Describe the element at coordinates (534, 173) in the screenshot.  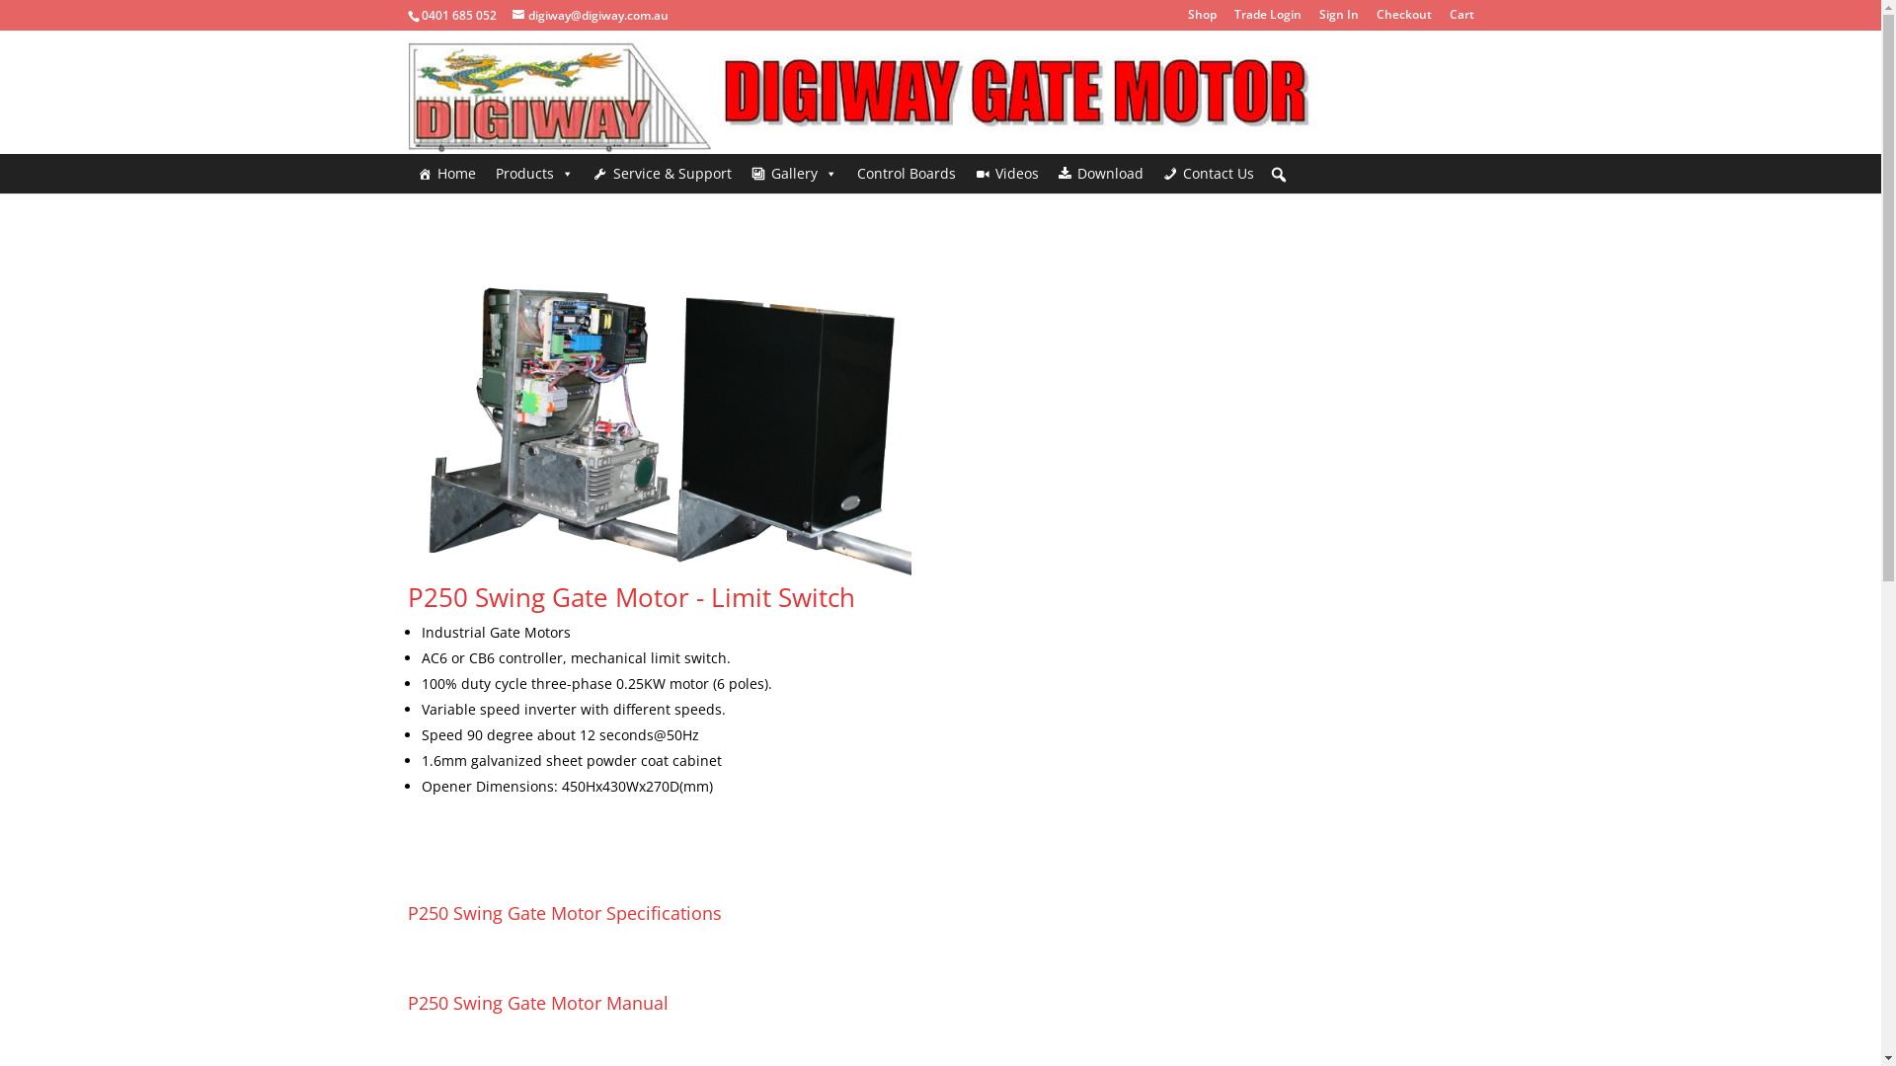
I see `'Products'` at that location.